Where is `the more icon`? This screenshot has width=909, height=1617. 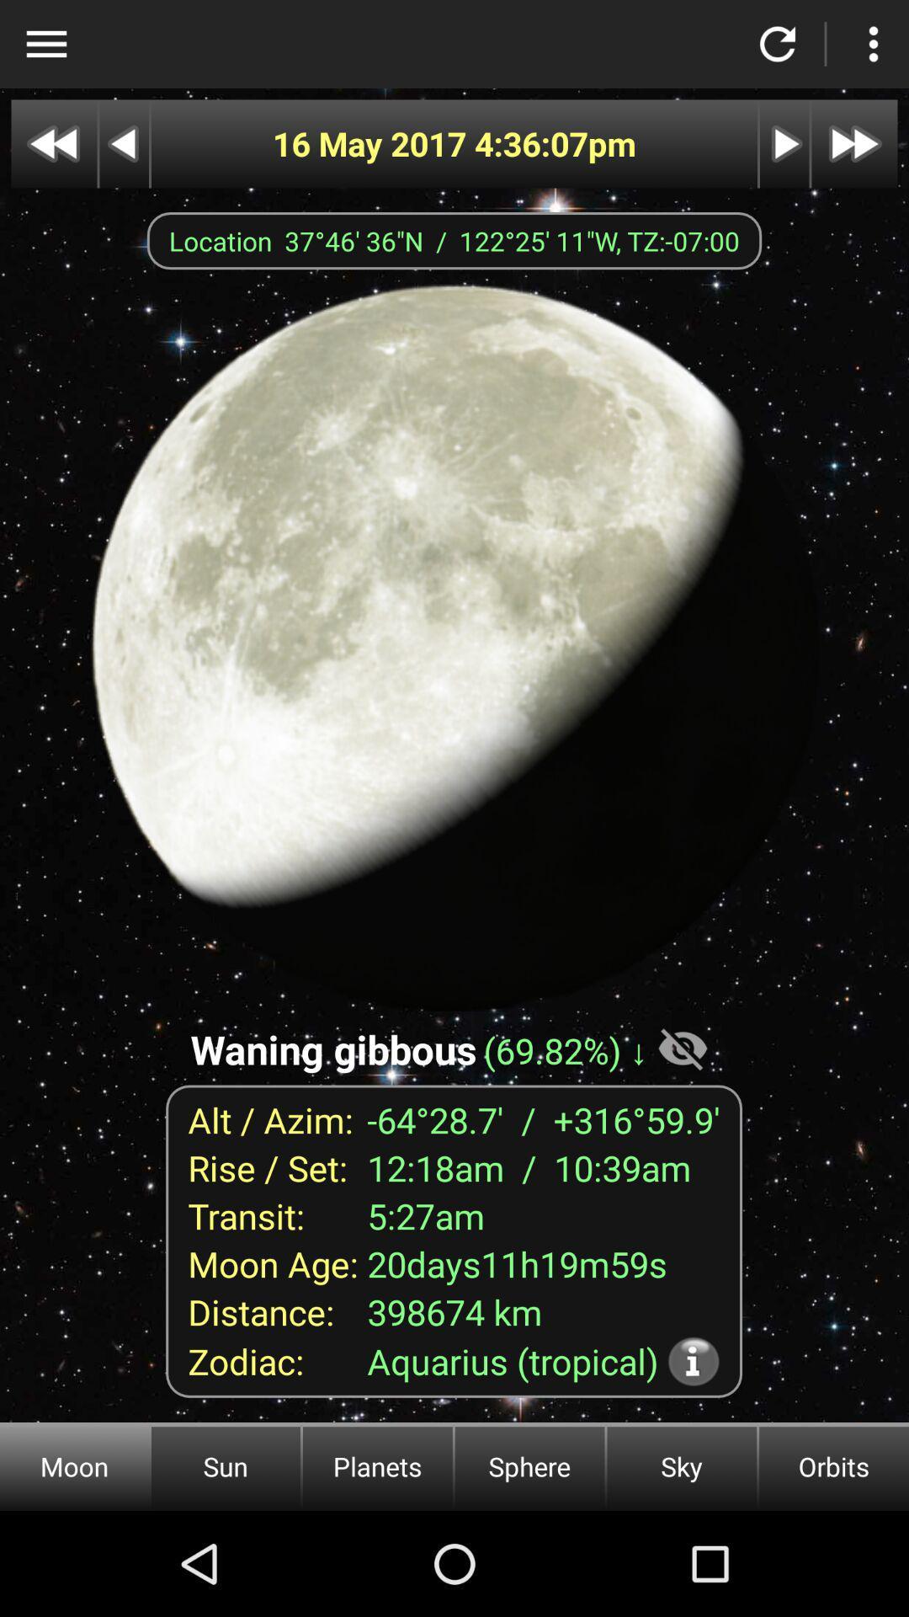 the more icon is located at coordinates (872, 44).